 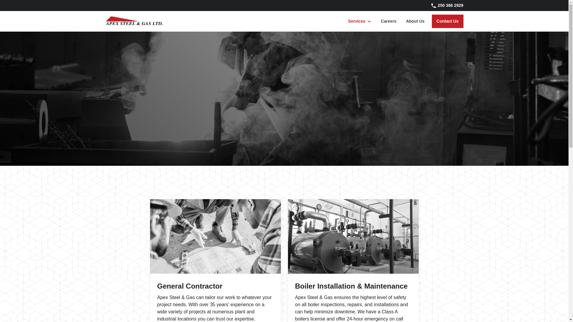 I want to click on 'About Us', so click(x=401, y=21).